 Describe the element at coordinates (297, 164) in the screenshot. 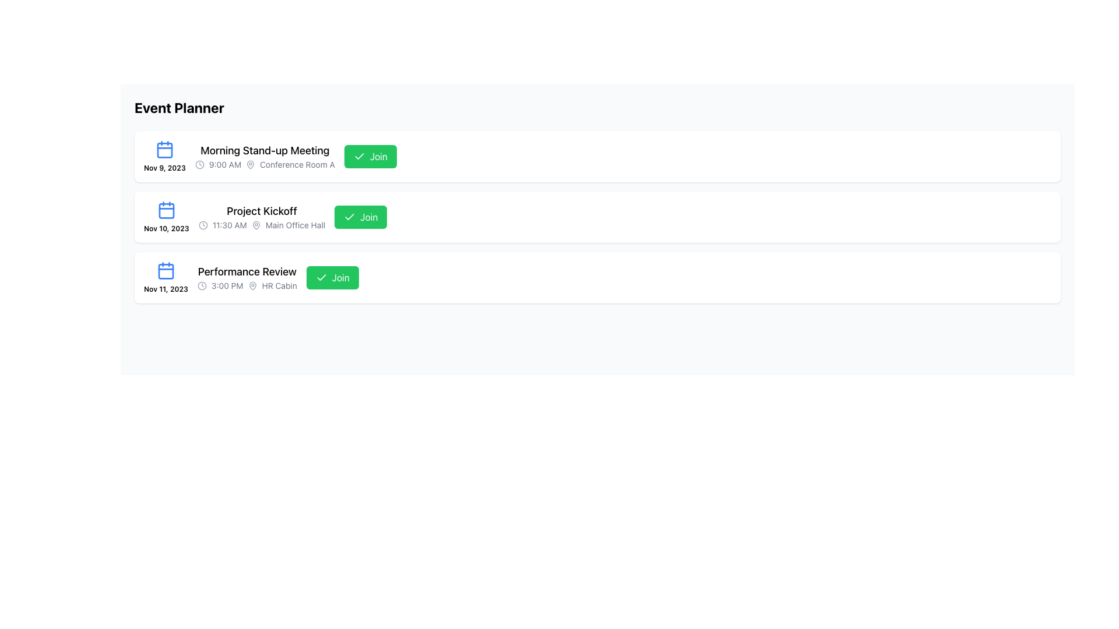

I see `the Static text label that displays 'Conference Room A', which is aligned with a clock icon and a time indicator, located in the first event entry of the vertical list` at that location.